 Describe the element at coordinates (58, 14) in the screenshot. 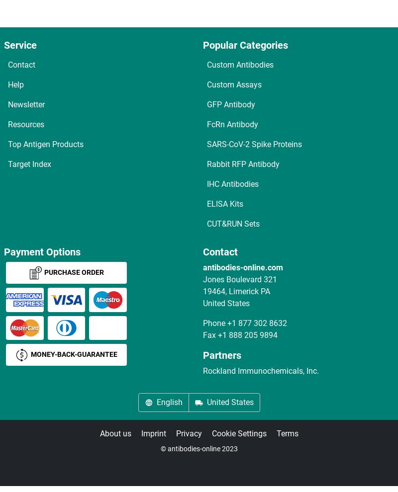

I see `'DCYAP1R1 ELISA Kits'` at that location.